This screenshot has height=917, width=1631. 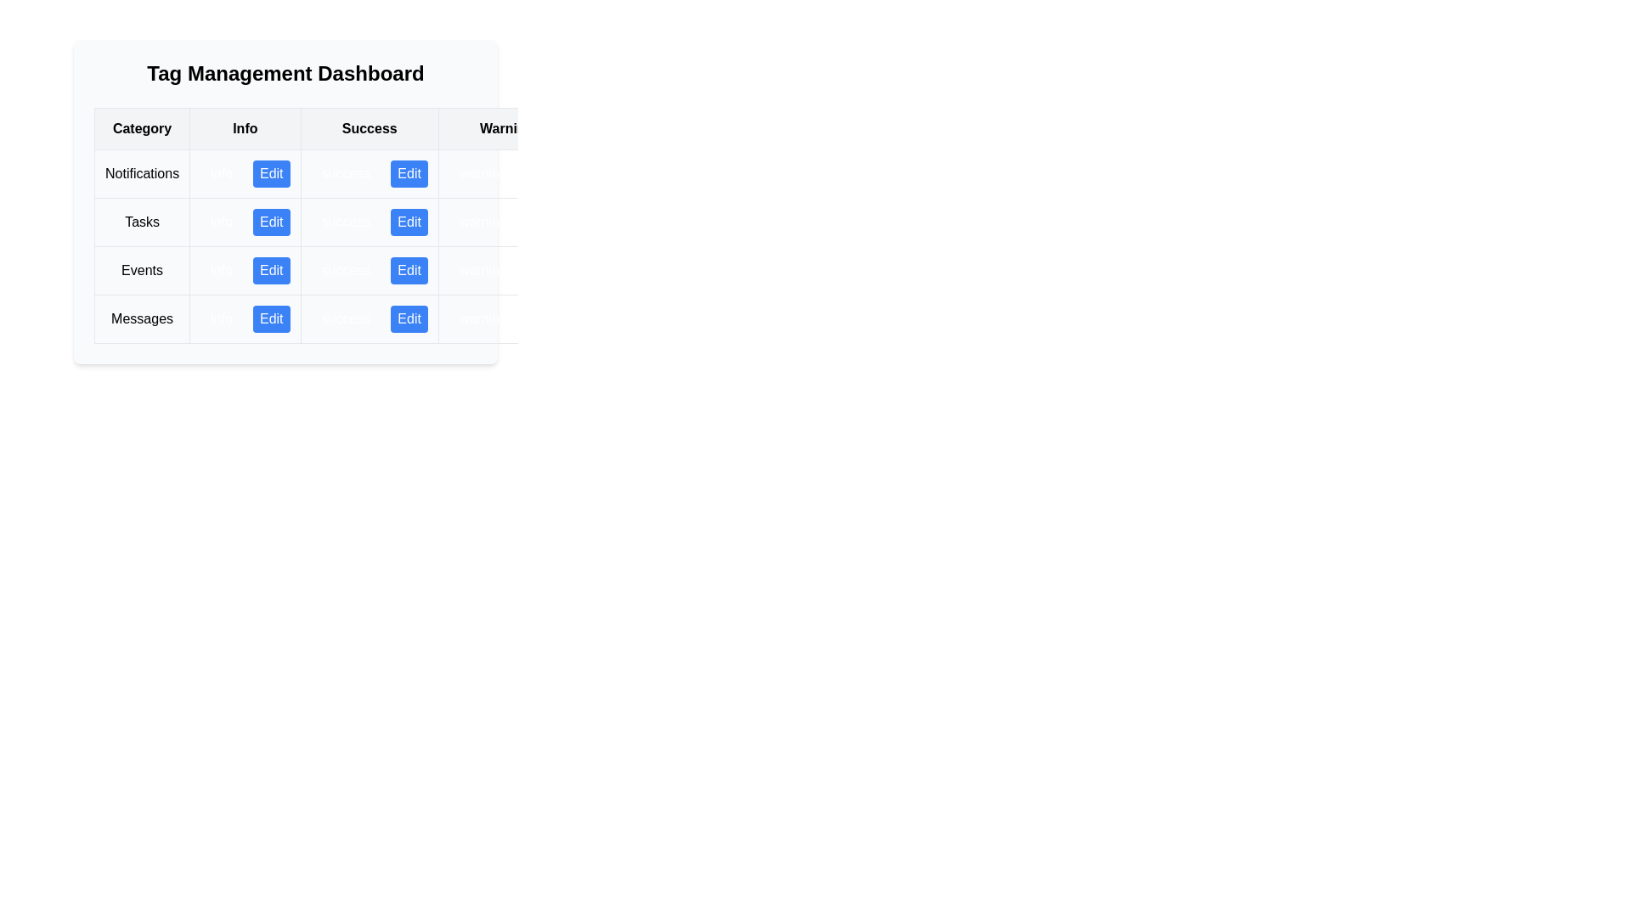 What do you see at coordinates (244, 270) in the screenshot?
I see `the 'info' badge in the 'Events' row of the table` at bounding box center [244, 270].